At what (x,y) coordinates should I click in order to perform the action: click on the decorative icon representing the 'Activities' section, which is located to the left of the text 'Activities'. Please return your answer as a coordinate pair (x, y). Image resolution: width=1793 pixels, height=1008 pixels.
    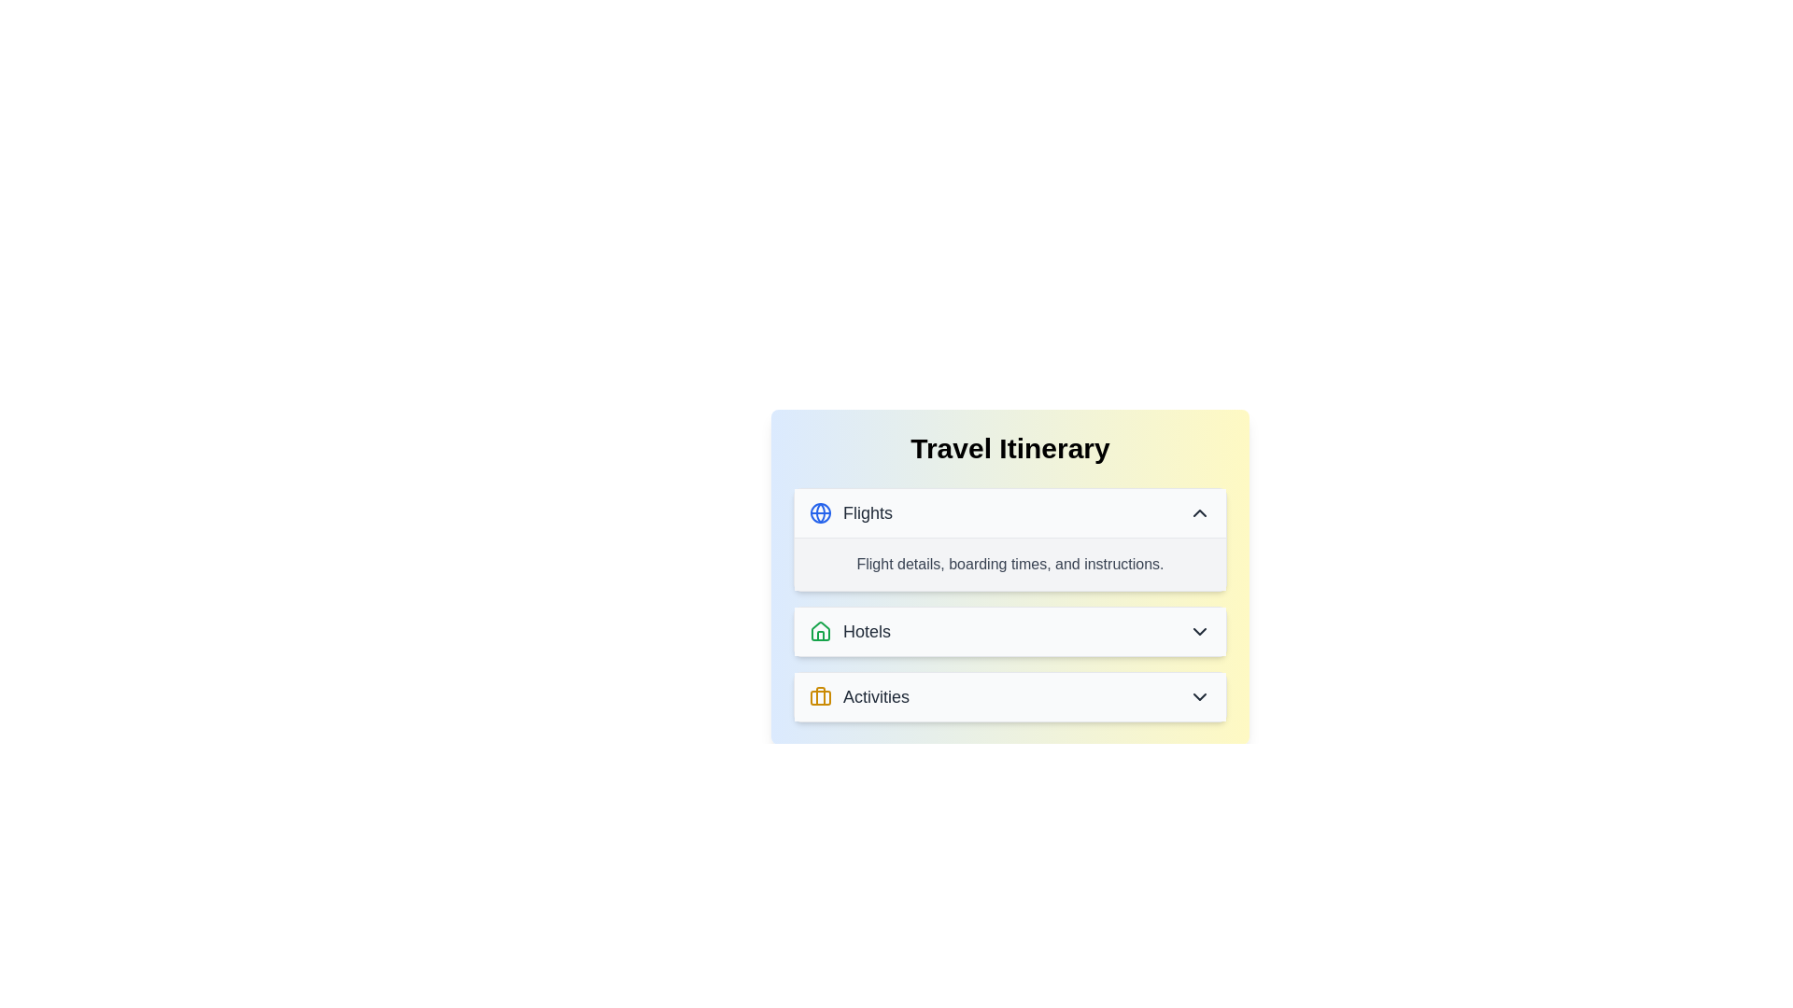
    Looking at the image, I should click on (820, 697).